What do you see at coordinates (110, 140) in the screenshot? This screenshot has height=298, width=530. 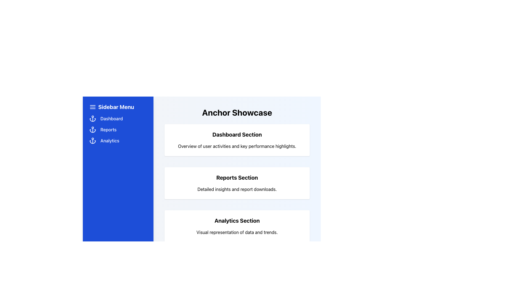 I see `the 'Analytics' clickable text link in the sidebar menu to trigger the underline effect` at bounding box center [110, 140].